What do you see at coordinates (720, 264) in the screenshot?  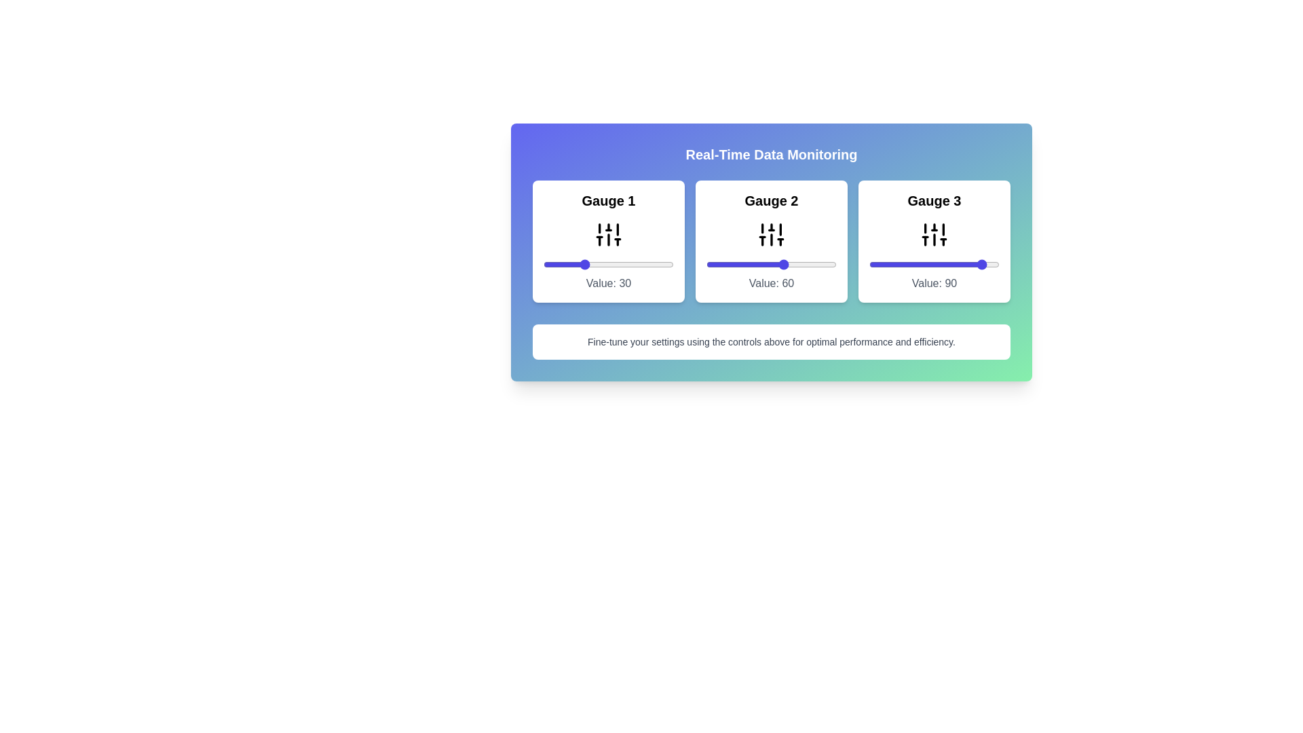 I see `the 'Gauge 2' slider` at bounding box center [720, 264].